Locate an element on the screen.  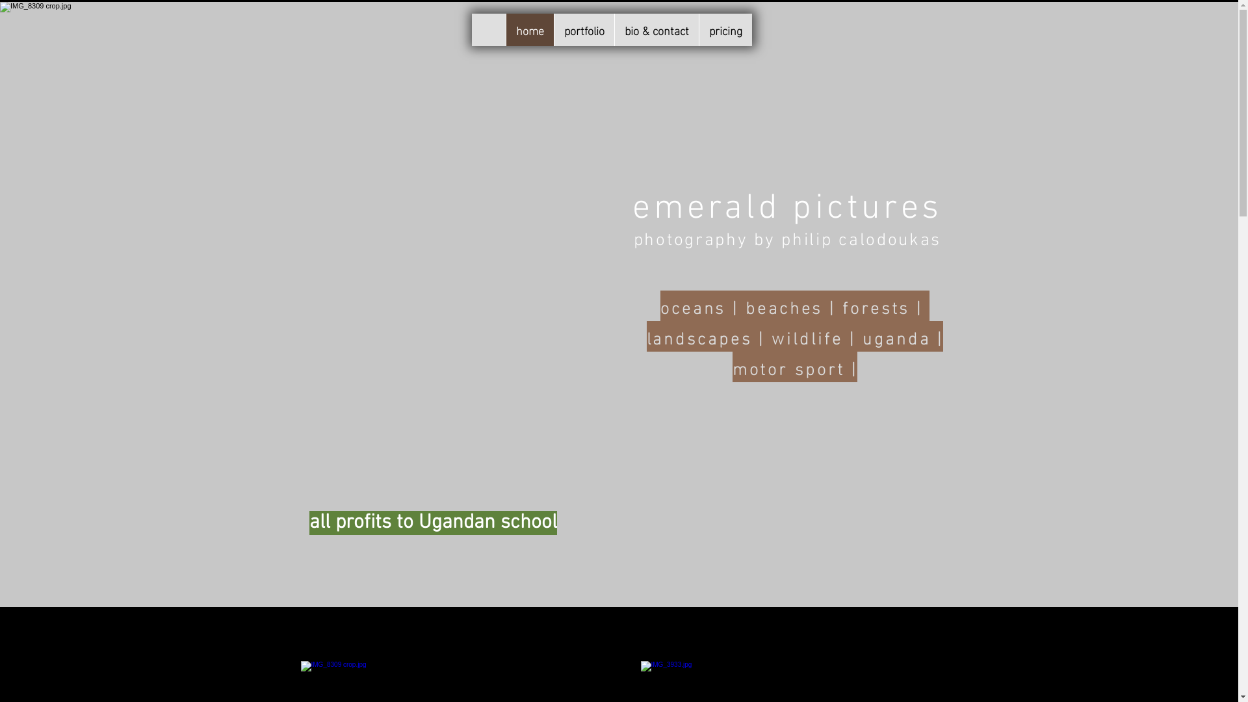
'home' is located at coordinates (530, 29).